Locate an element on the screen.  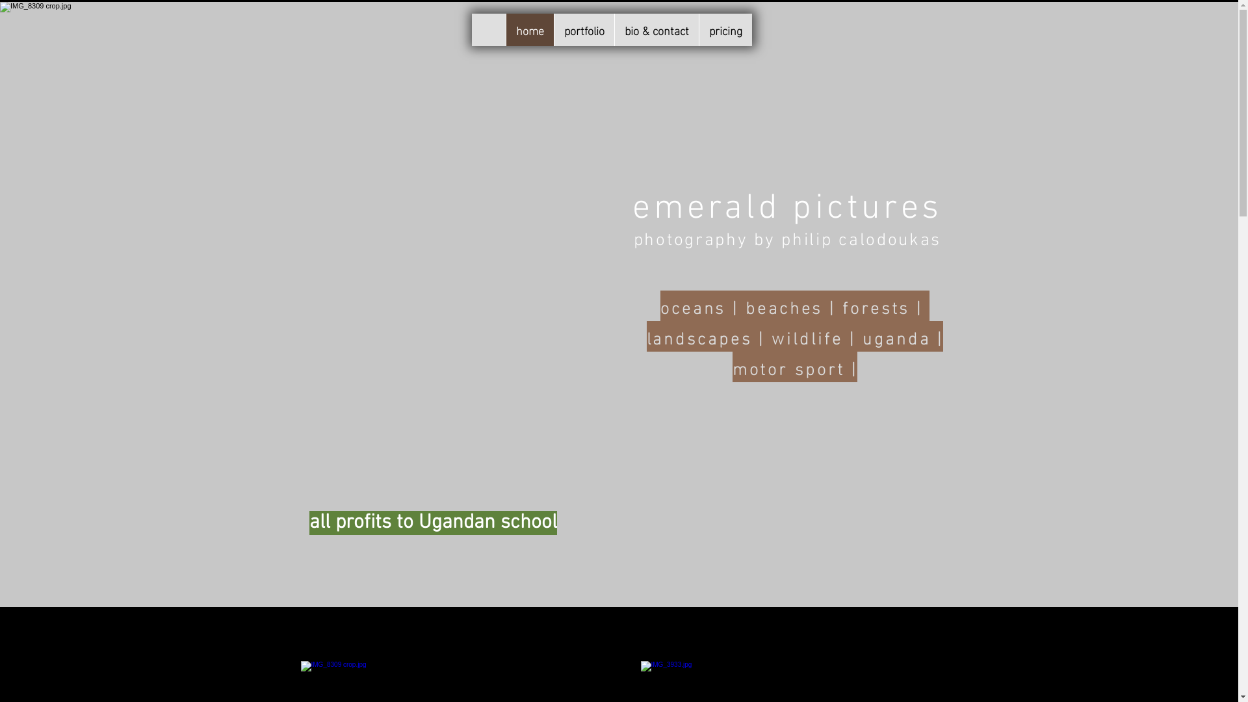
'home' is located at coordinates (530, 29).